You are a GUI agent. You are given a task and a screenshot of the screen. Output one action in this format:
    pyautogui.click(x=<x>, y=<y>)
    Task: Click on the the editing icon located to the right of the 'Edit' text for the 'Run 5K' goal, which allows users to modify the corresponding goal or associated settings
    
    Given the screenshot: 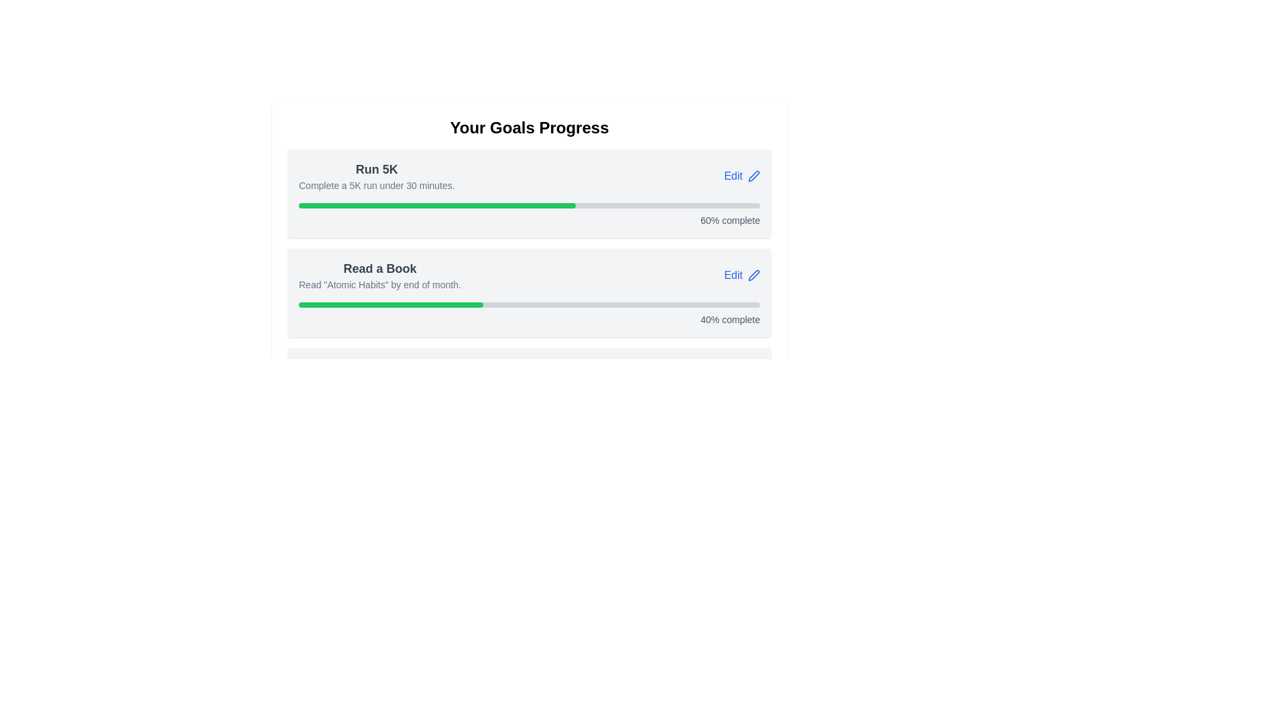 What is the action you would take?
    pyautogui.click(x=753, y=175)
    